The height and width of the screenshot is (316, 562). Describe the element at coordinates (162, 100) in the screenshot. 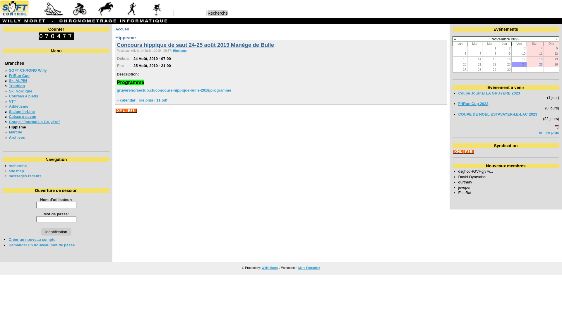

I see `'11 pdf'` at that location.